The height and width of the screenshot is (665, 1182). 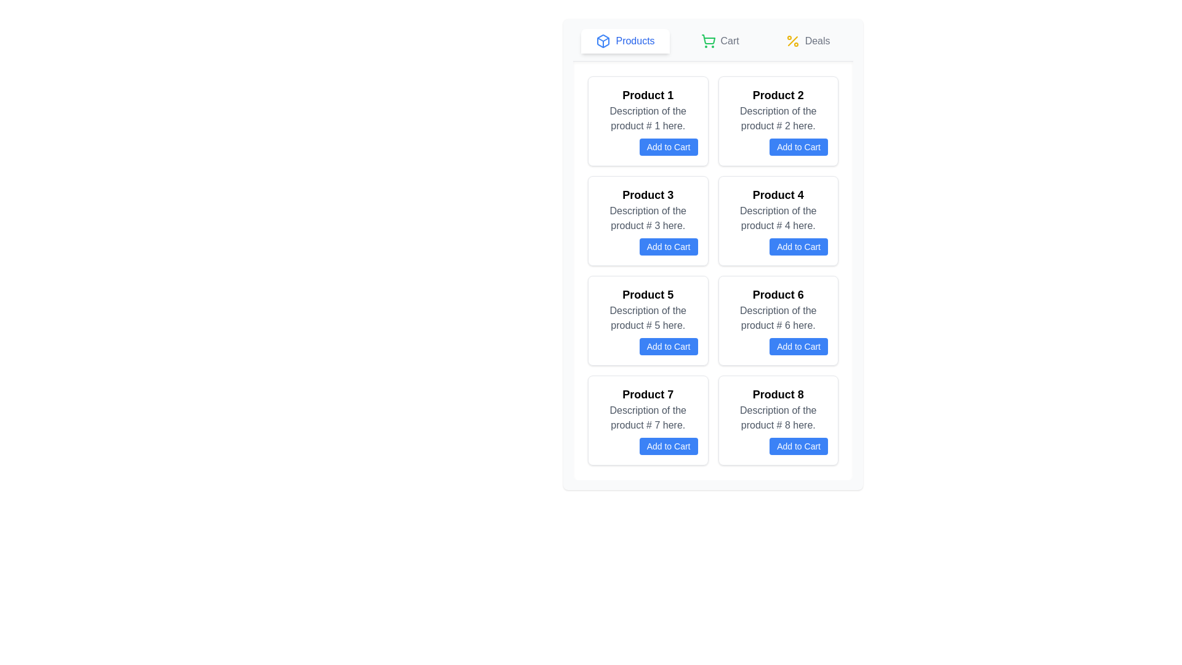 I want to click on the static text element providing details about 'Product 6', which is located directly below the title and above the 'Add to Cart' button, so click(x=778, y=317).